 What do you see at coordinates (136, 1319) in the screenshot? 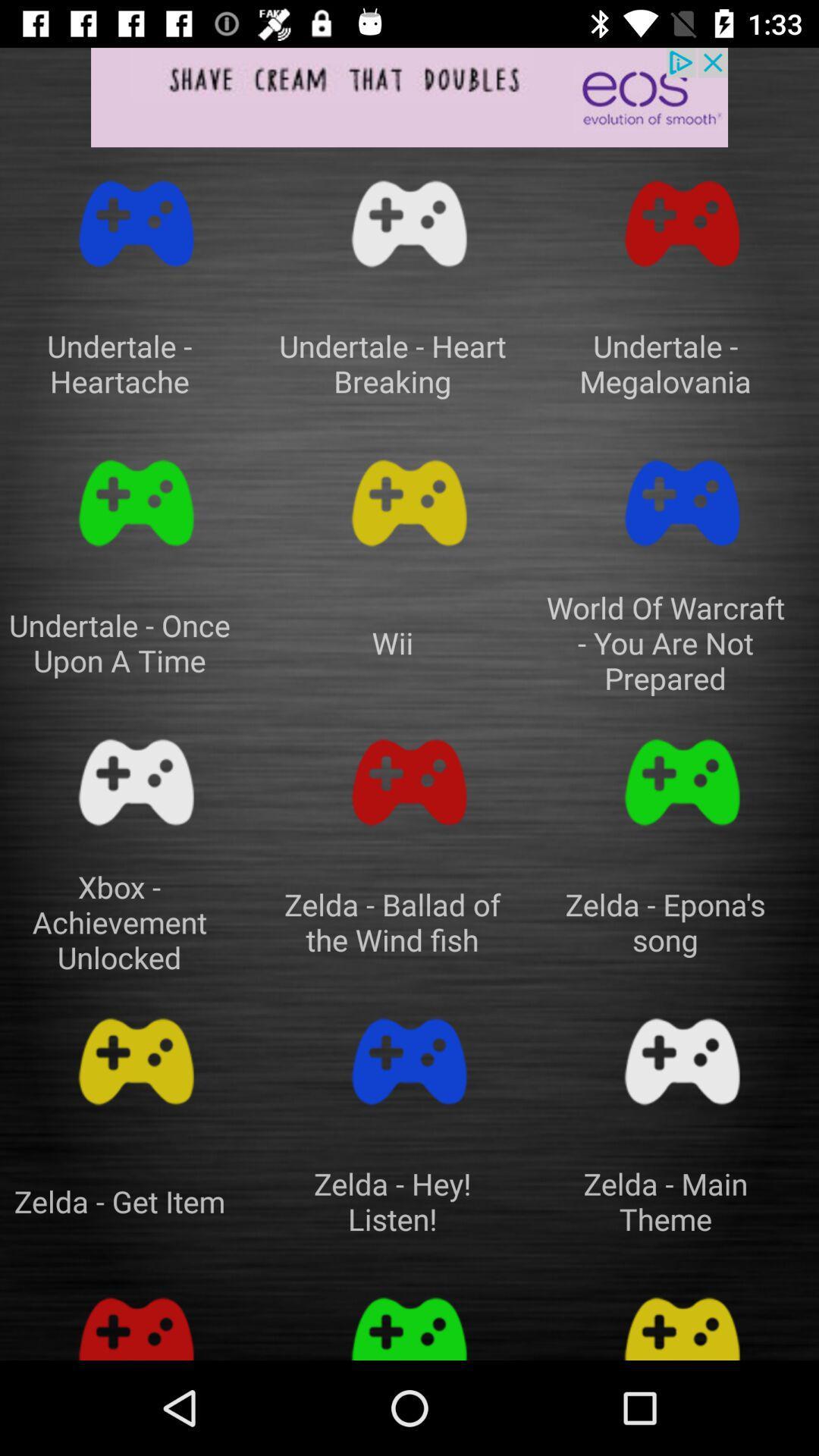
I see `option` at bounding box center [136, 1319].